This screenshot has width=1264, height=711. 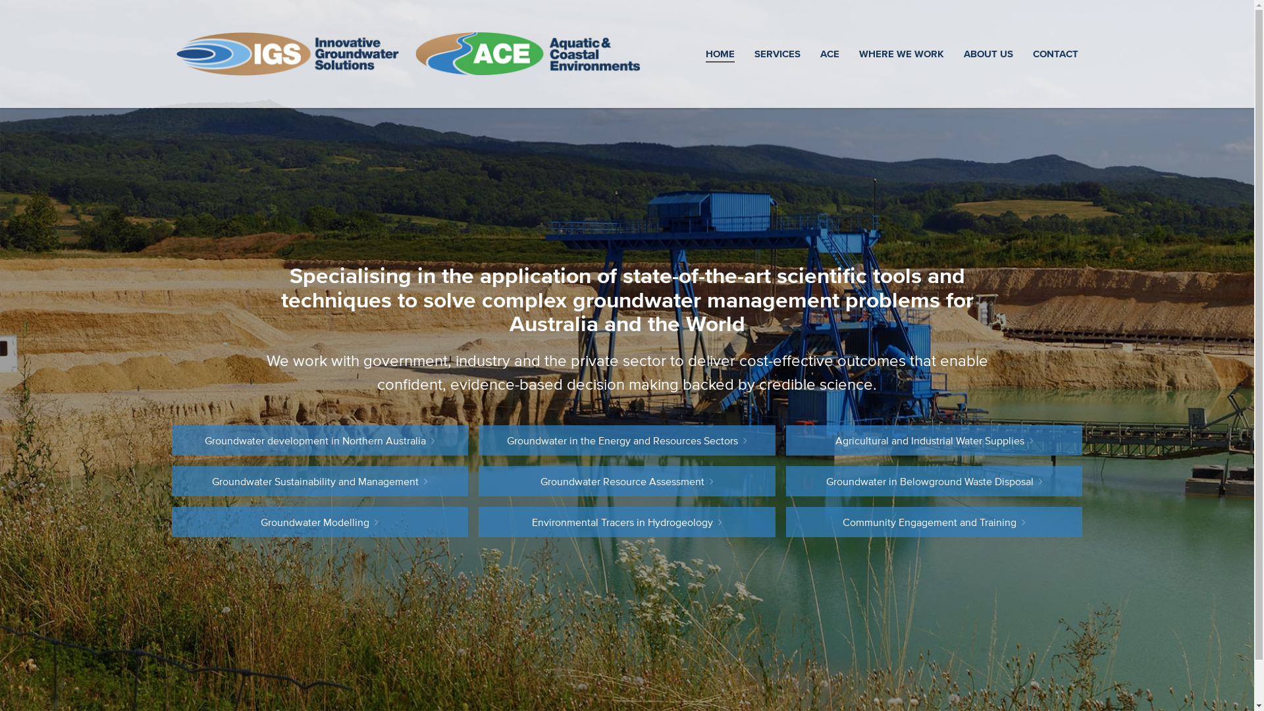 What do you see at coordinates (319, 440) in the screenshot?
I see `'Groundwater development in Northern Australia  '` at bounding box center [319, 440].